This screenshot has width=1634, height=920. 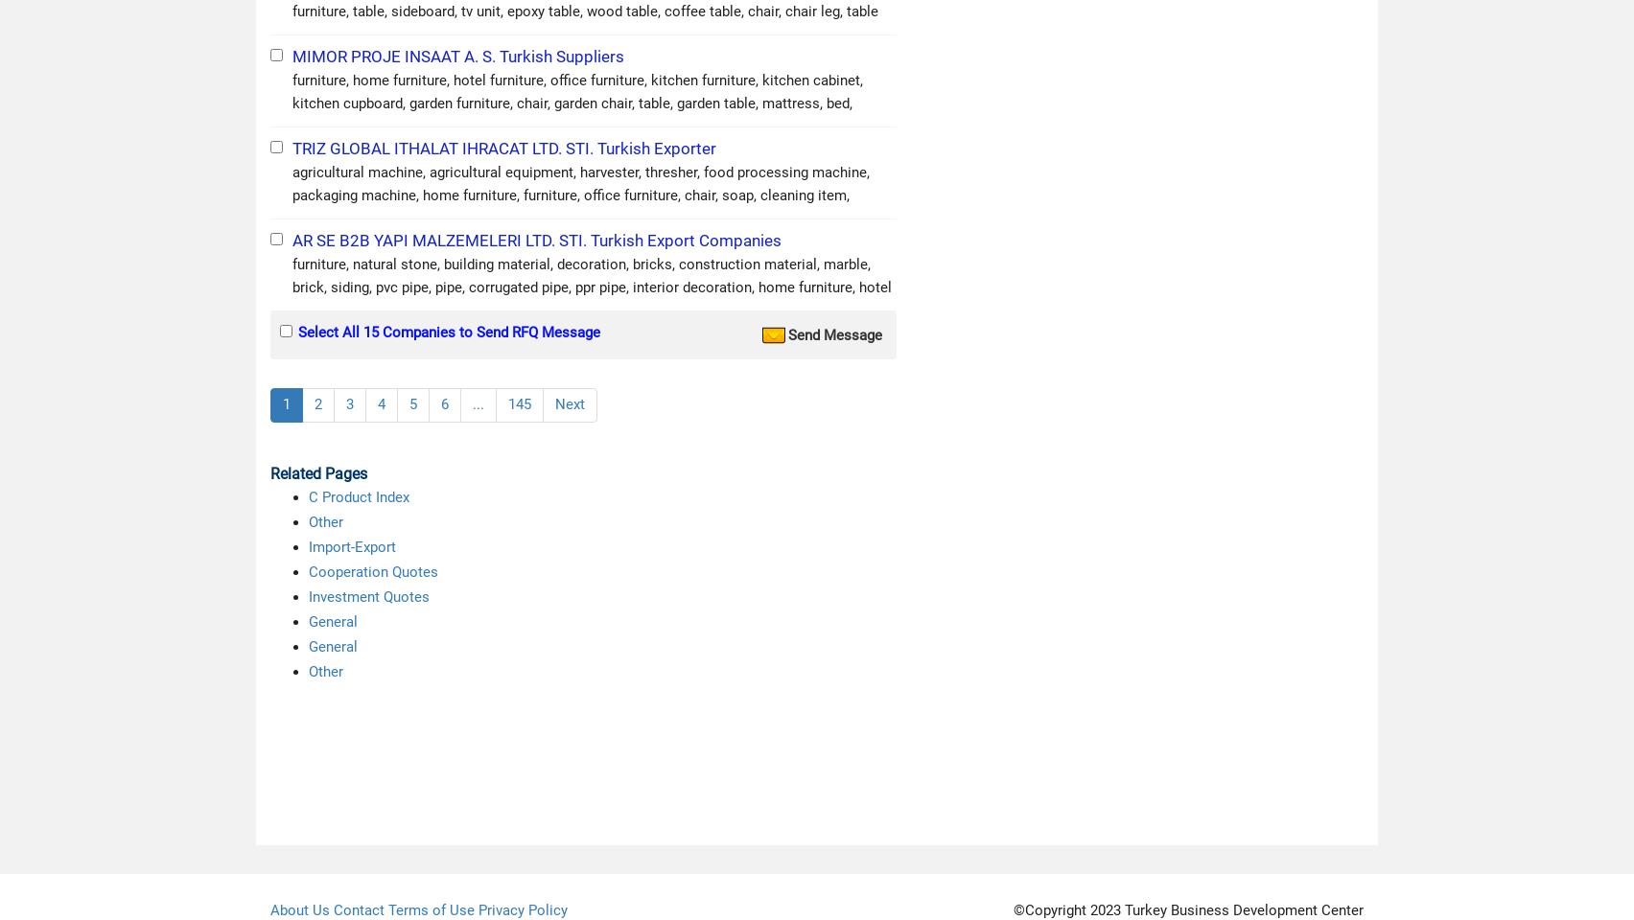 I want to click on 'TRIZ GLOBAL ITHALAT IHRACAT LTD. STI. Turkish Exporter', so click(x=504, y=148).